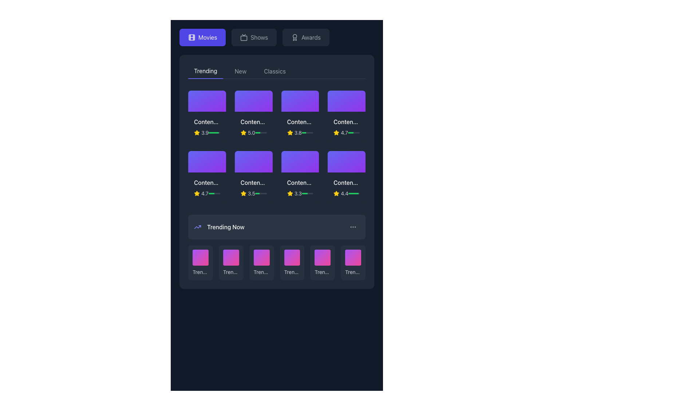  I want to click on the star-shaped yellow rating icon, which is part of a horizontal stack representing a rating of 4.7, so click(336, 133).